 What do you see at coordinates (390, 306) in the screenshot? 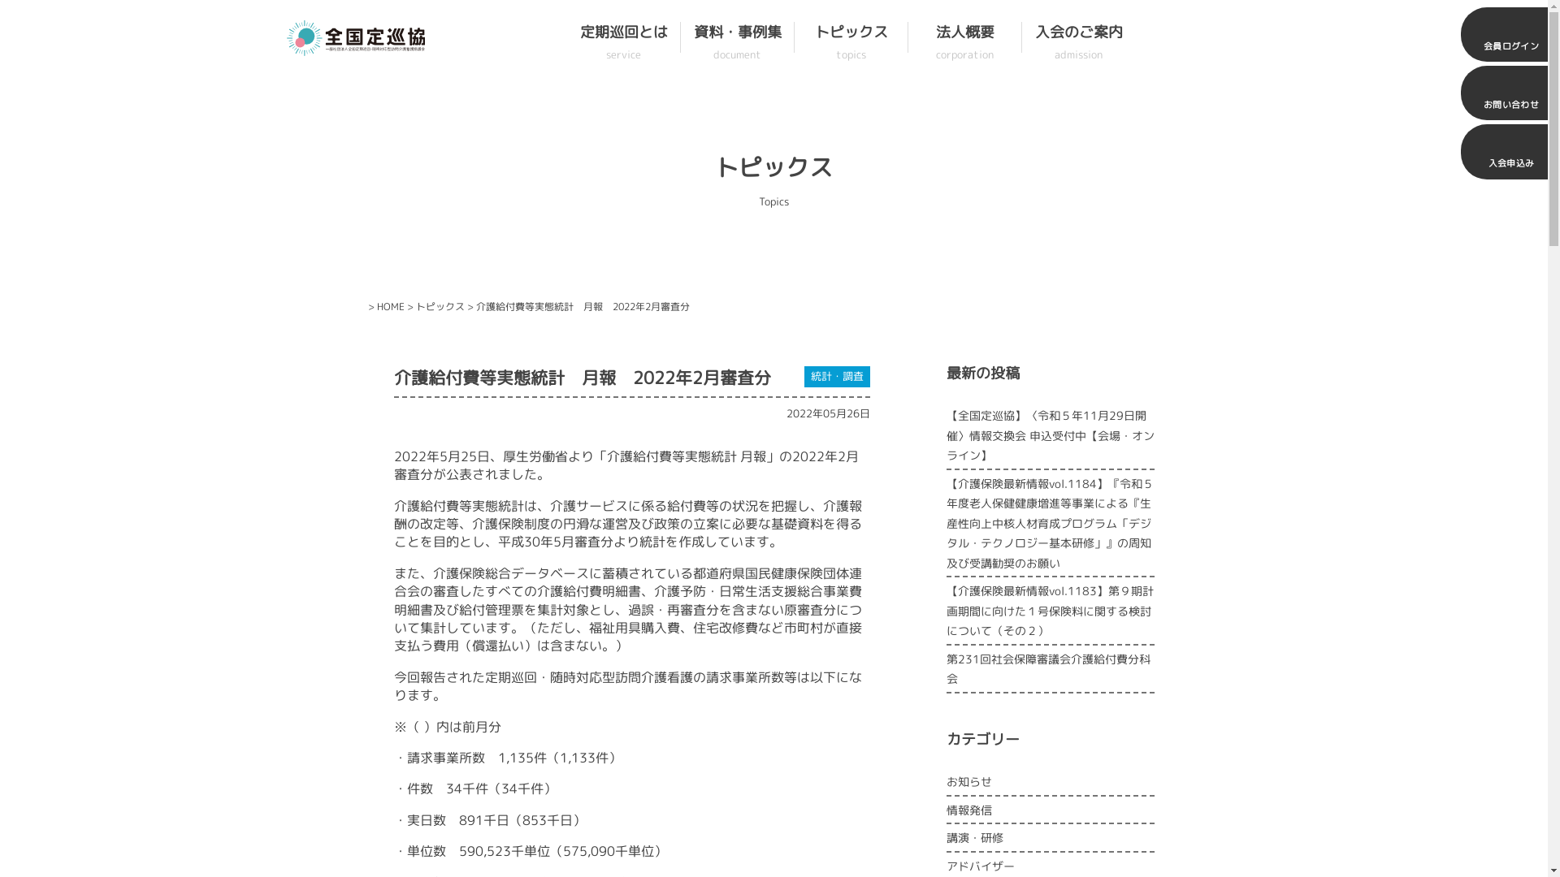
I see `'HOME'` at bounding box center [390, 306].